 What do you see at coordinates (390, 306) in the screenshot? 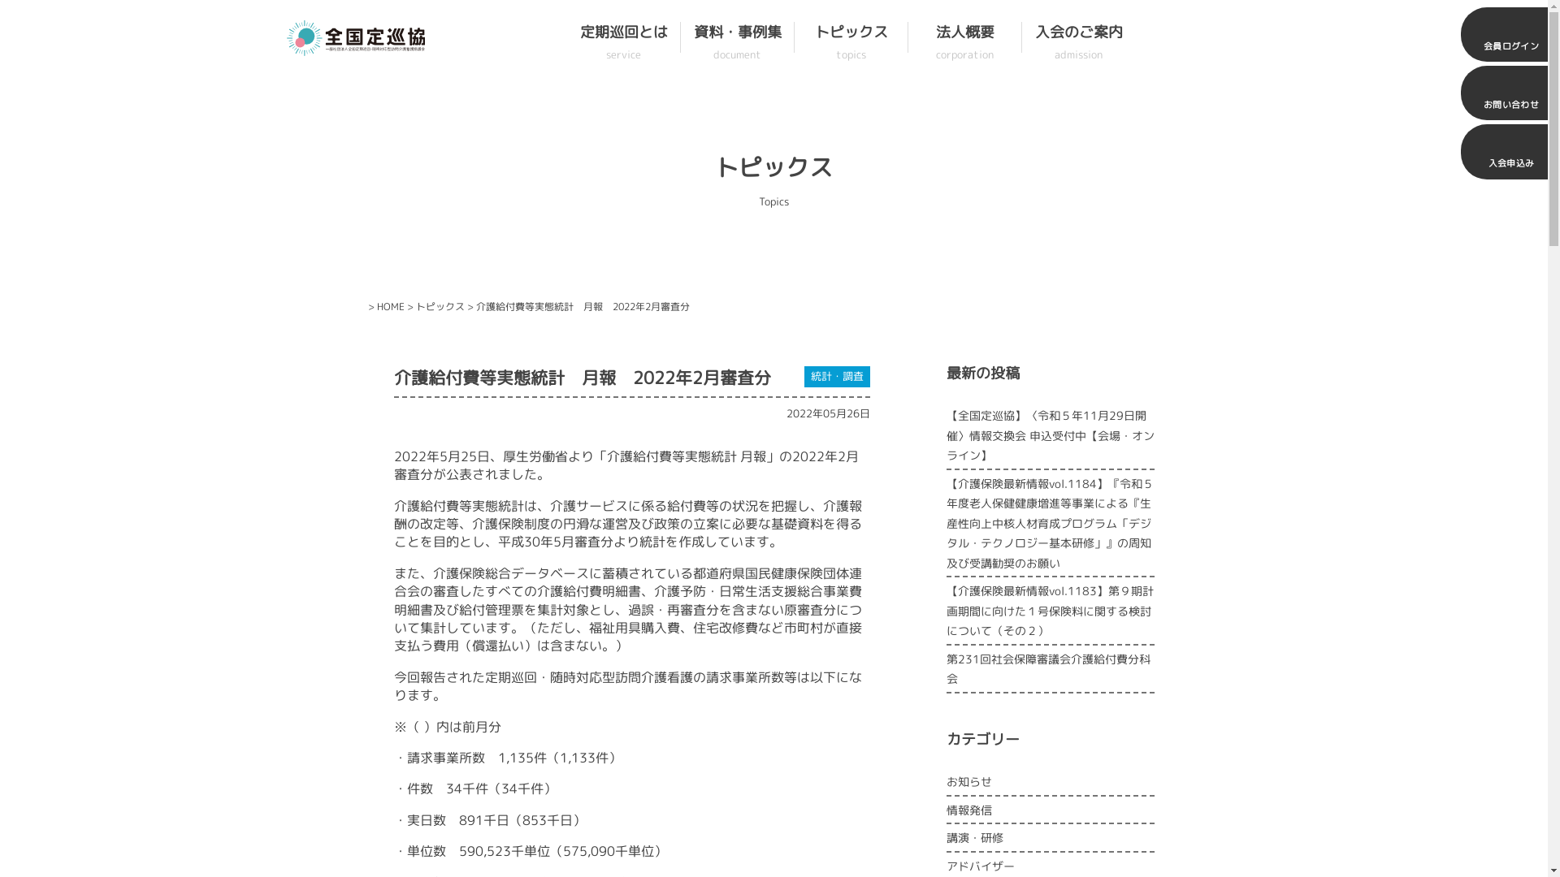
I see `'HOME'` at bounding box center [390, 306].